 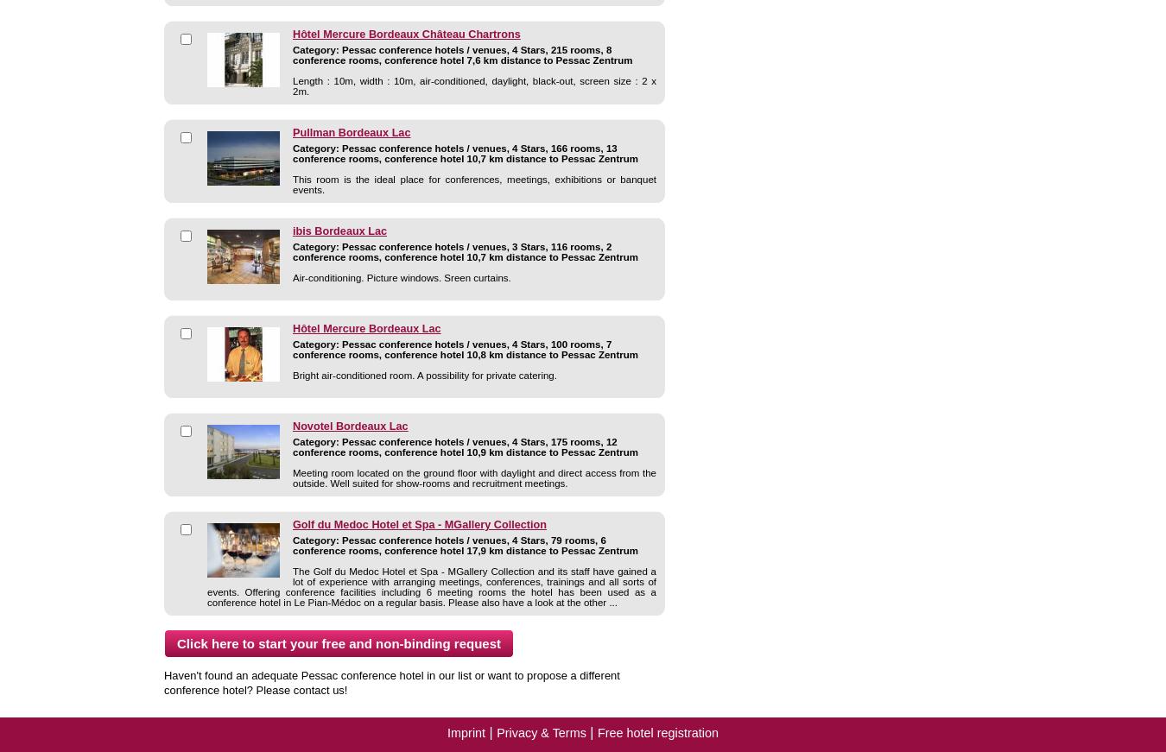 What do you see at coordinates (292, 349) in the screenshot?
I see `'Category: Pessac conference hotels / venues, 4 Stars, 100 rooms, 7 conference rooms, conference hotel  10,8 km distance to Pessac Zentrum'` at bounding box center [292, 349].